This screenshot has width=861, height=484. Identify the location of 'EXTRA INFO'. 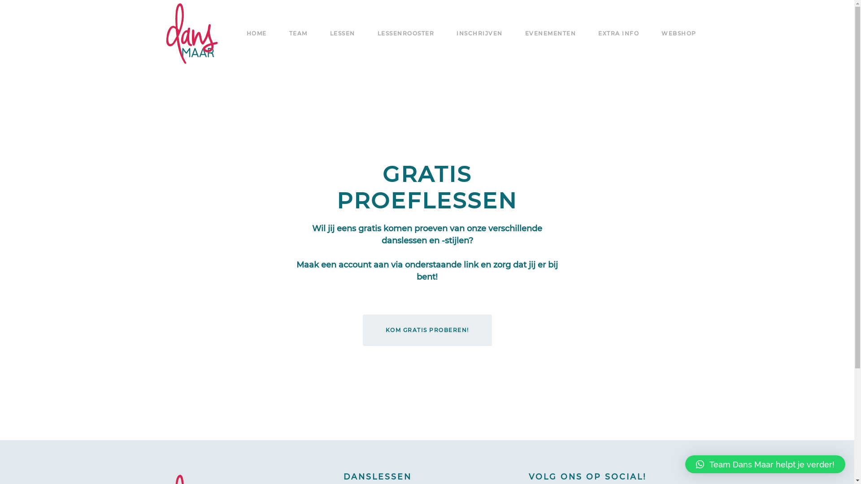
(598, 33).